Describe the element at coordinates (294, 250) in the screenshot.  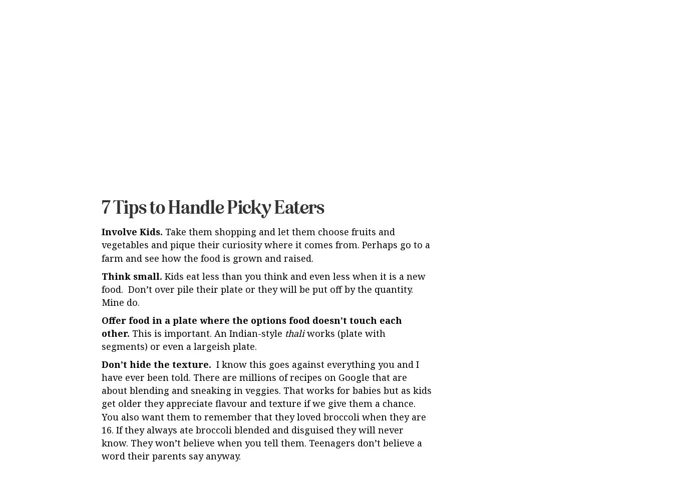
I see `'thali'` at that location.